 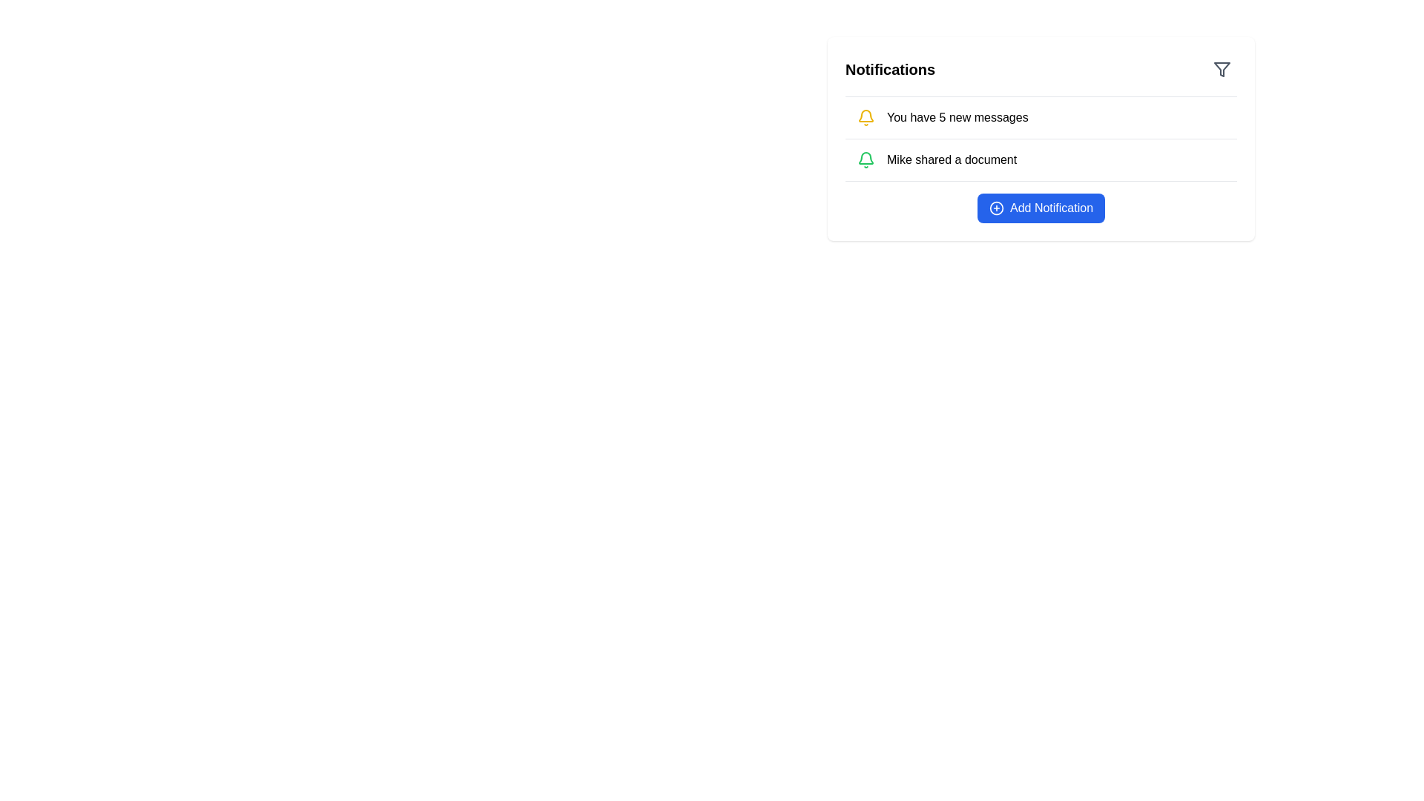 I want to click on the filter-shaped SVG Icon located in the upper right corner of the 'Notifications' panel, so click(x=1222, y=69).